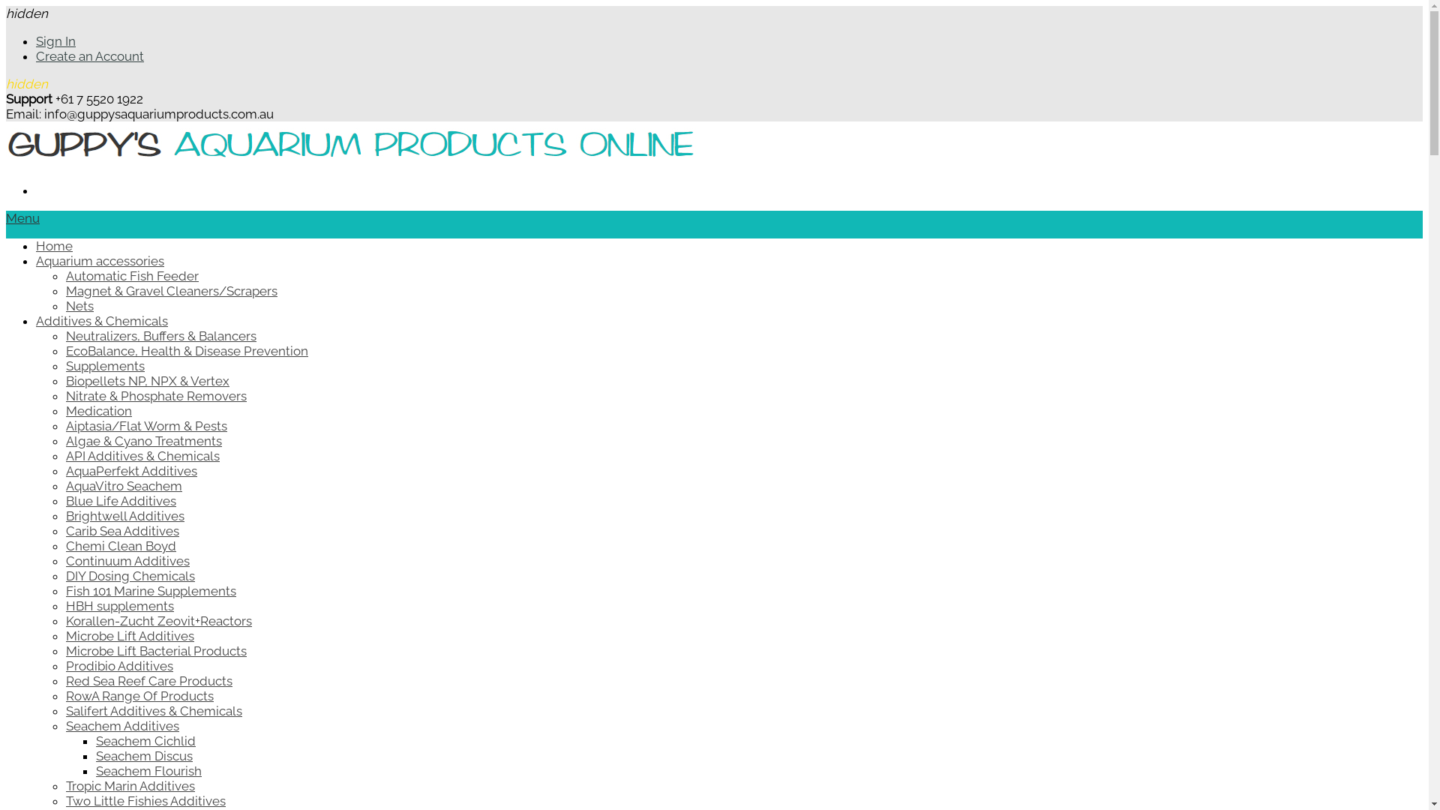 This screenshot has height=810, width=1440. What do you see at coordinates (156, 649) in the screenshot?
I see `'Microbe Lift Bacterial Products'` at bounding box center [156, 649].